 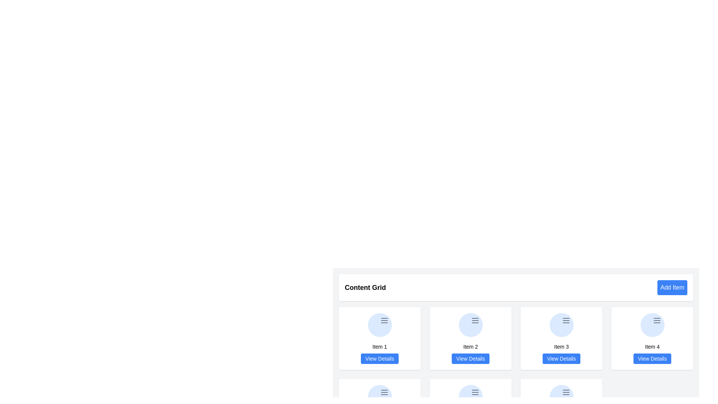 What do you see at coordinates (384, 320) in the screenshot?
I see `the menu icon located` at bounding box center [384, 320].